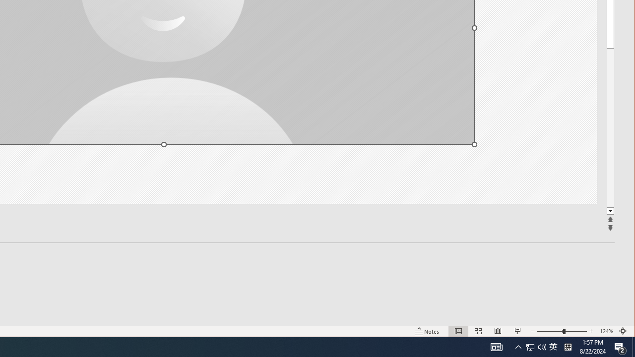 The height and width of the screenshot is (357, 635). Describe the element at coordinates (620, 346) in the screenshot. I see `'Action Center, 2 new notifications'` at that location.